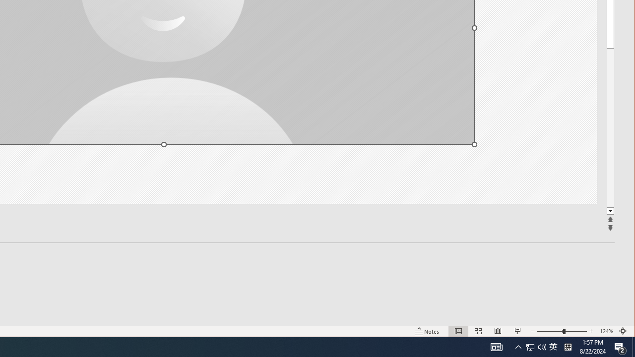 The height and width of the screenshot is (357, 635). Describe the element at coordinates (620, 346) in the screenshot. I see `'Action Center, 2 new notifications'` at that location.